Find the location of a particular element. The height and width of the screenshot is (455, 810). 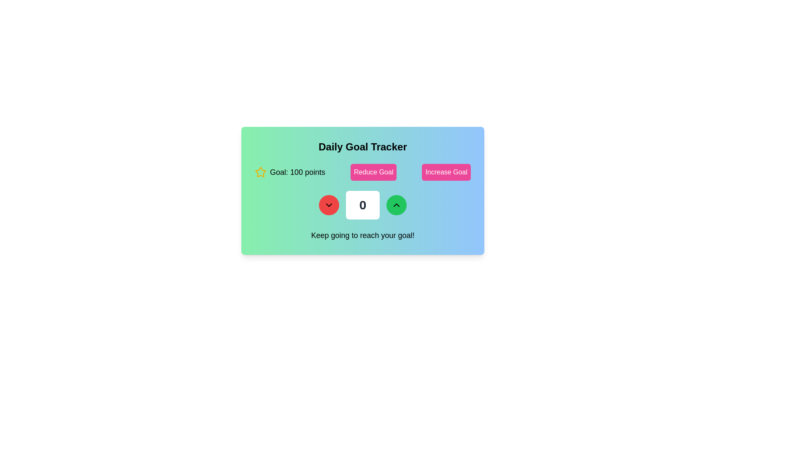

the decrement button located between the 'Goal: 100 points' text and the 'Increase Goal' button to change its background color is located at coordinates (373, 171).